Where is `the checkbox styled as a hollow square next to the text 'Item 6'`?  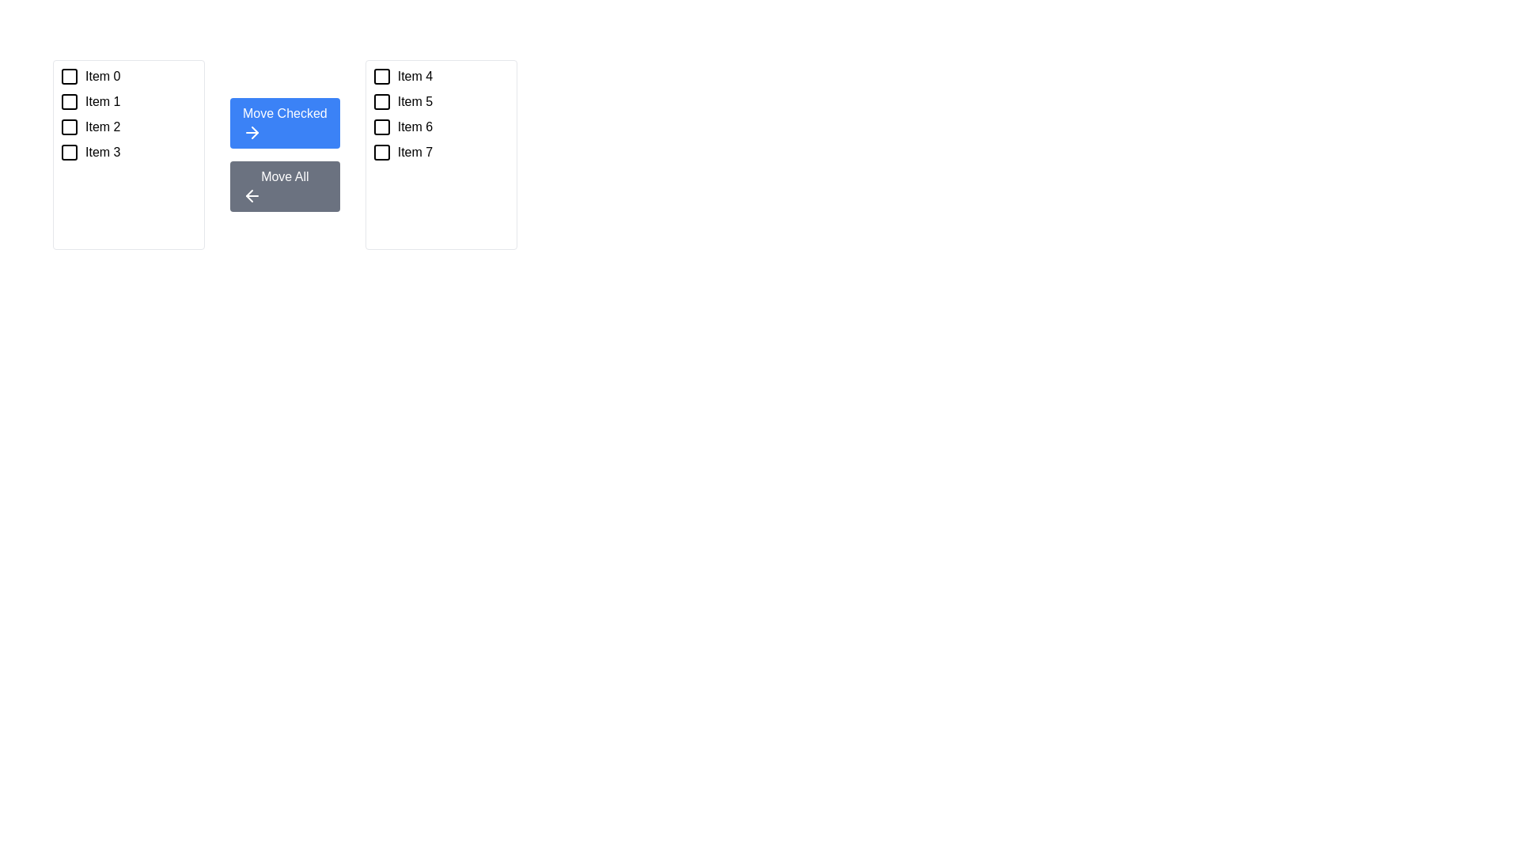
the checkbox styled as a hollow square next to the text 'Item 6' is located at coordinates (381, 127).